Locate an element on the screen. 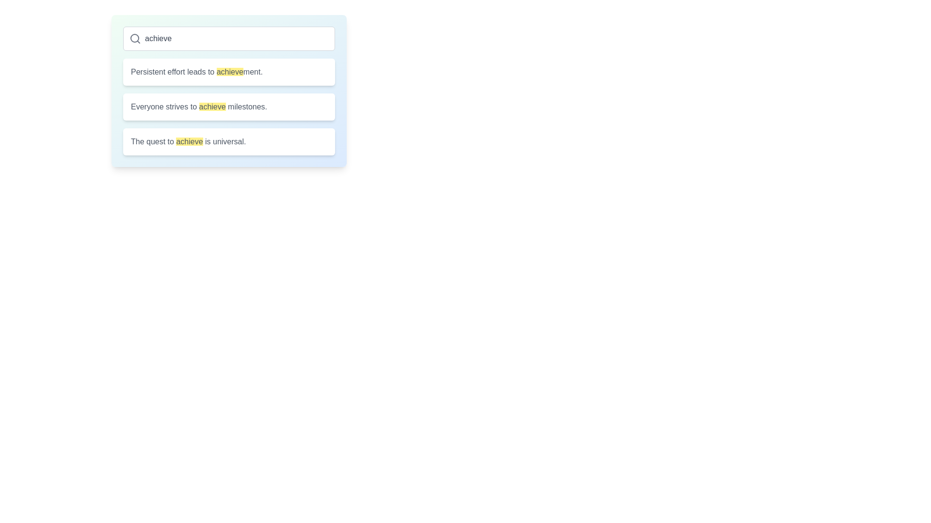  the static text fragment emphasizing the term 'achievement' in the sentence 'Persistent effort leads to achievement.' is located at coordinates (253, 71).